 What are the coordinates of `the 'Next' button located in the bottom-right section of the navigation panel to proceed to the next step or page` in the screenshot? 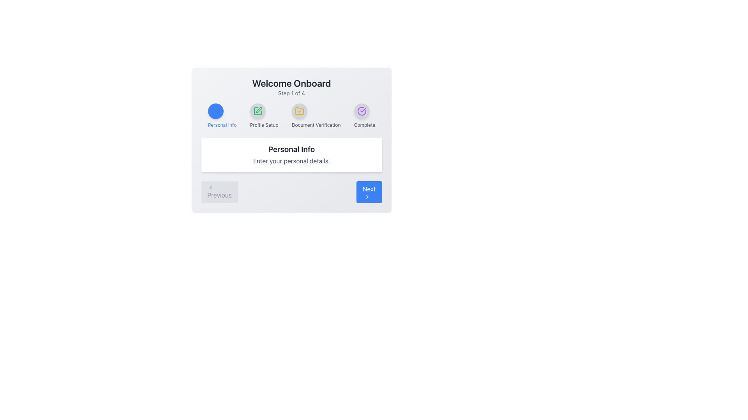 It's located at (369, 192).